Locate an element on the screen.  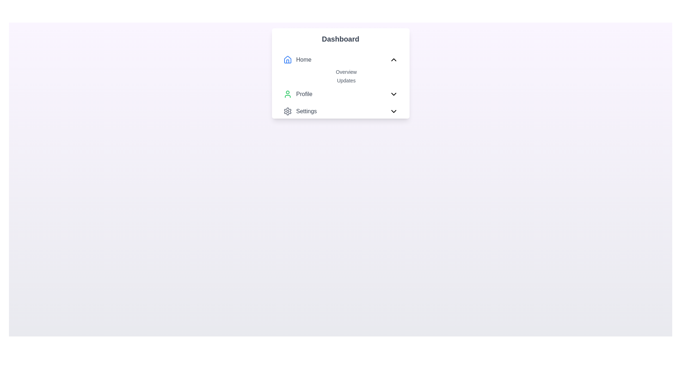
the 'Profile' text label, which is styled with a medium font weight and gray color, located in the menu panel below the 'Dashboard' heading is located at coordinates (304, 94).